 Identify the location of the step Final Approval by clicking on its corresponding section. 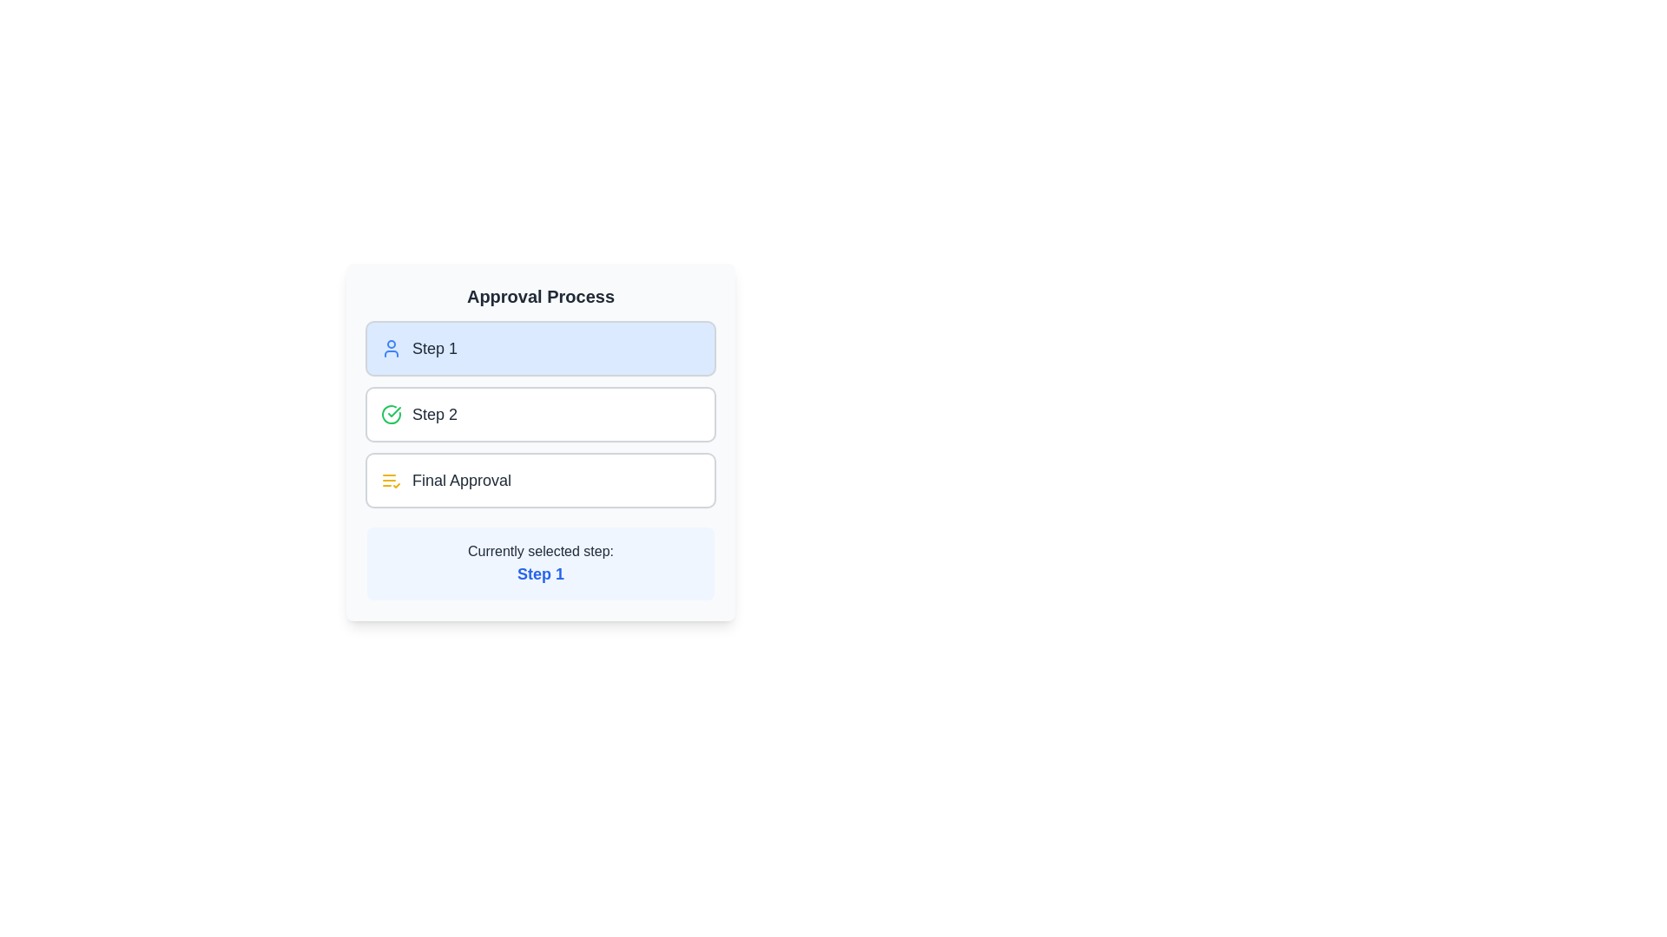
(540, 481).